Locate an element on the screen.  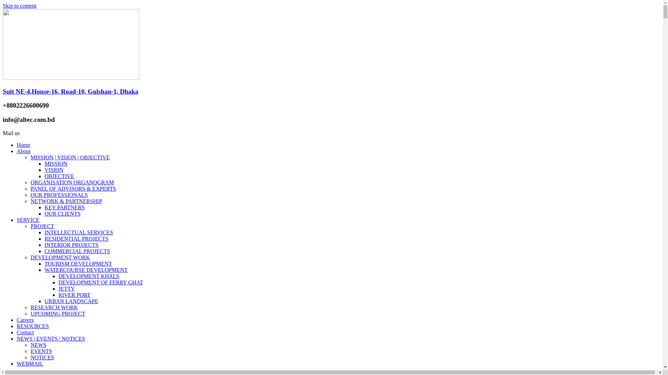
'NETWORK & PARTNERSHIP' is located at coordinates (30, 201).